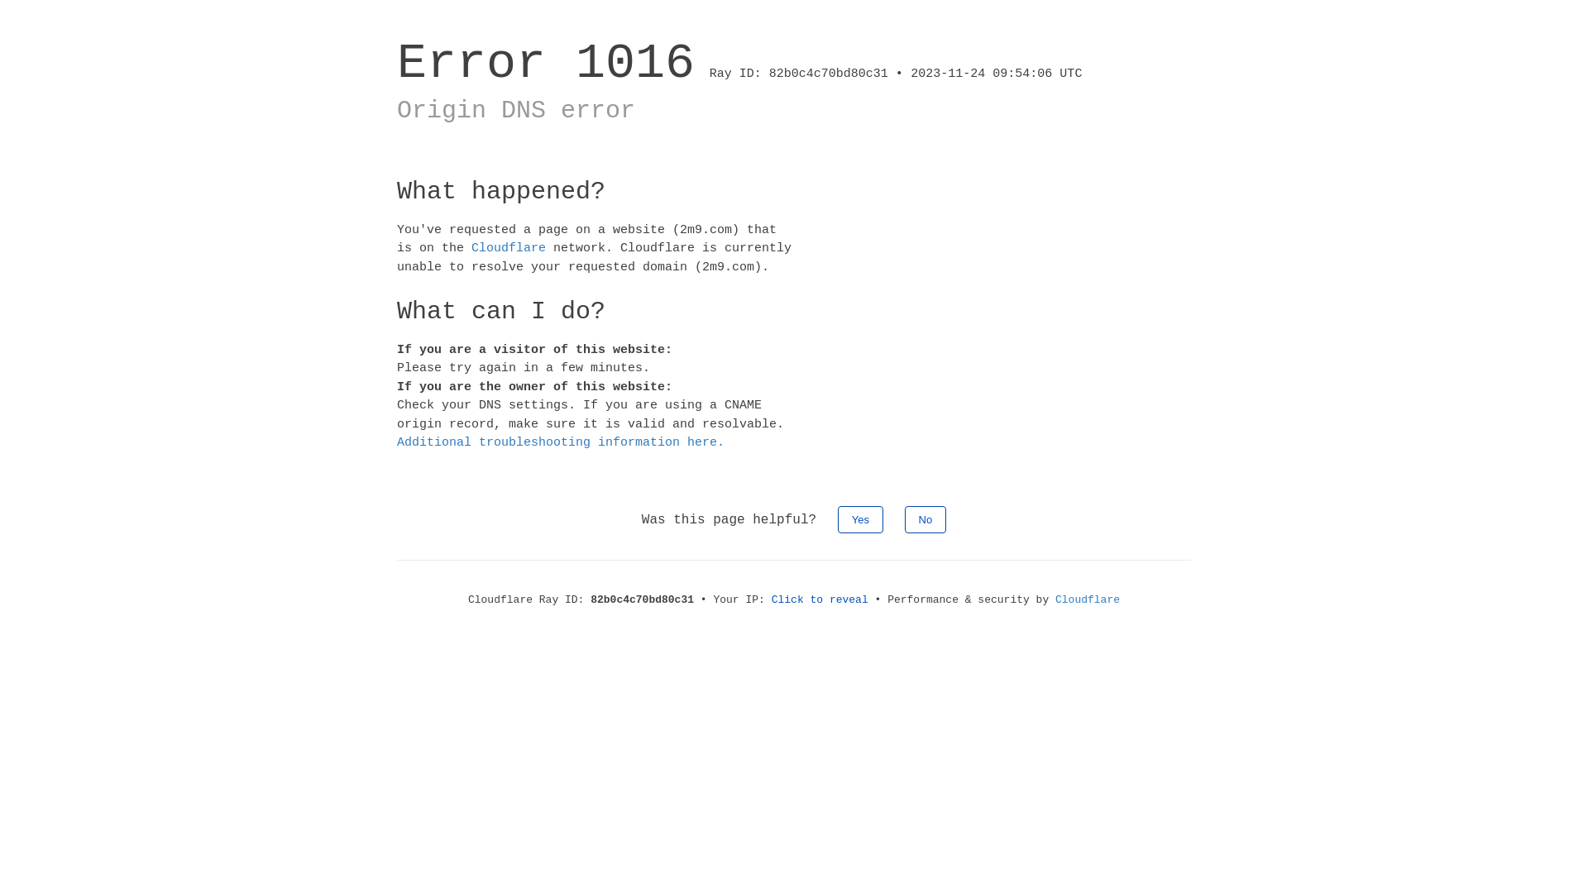 The width and height of the screenshot is (1588, 893). What do you see at coordinates (904, 518) in the screenshot?
I see `'No'` at bounding box center [904, 518].